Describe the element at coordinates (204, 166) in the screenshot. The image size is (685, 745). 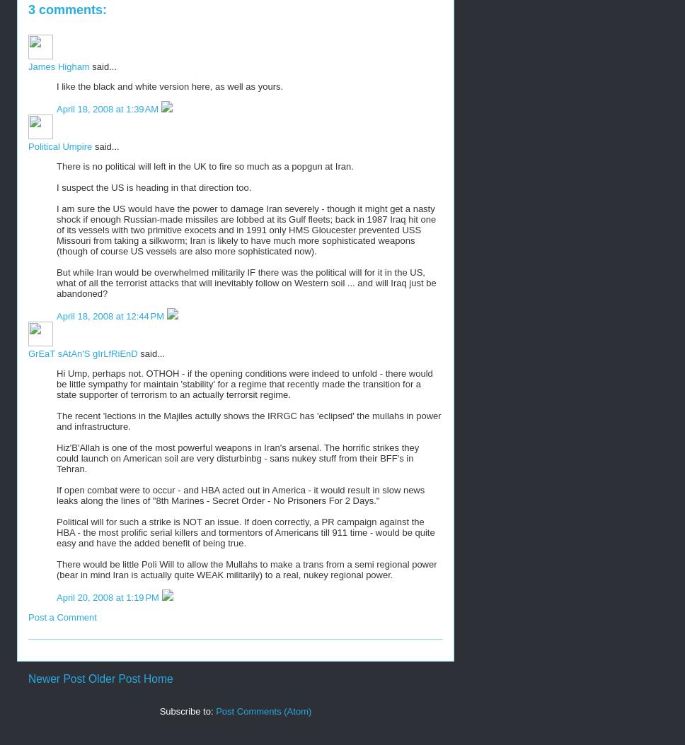
I see `'There is no political will left in the UK to fire so much as a popgun at Iran.'` at that location.